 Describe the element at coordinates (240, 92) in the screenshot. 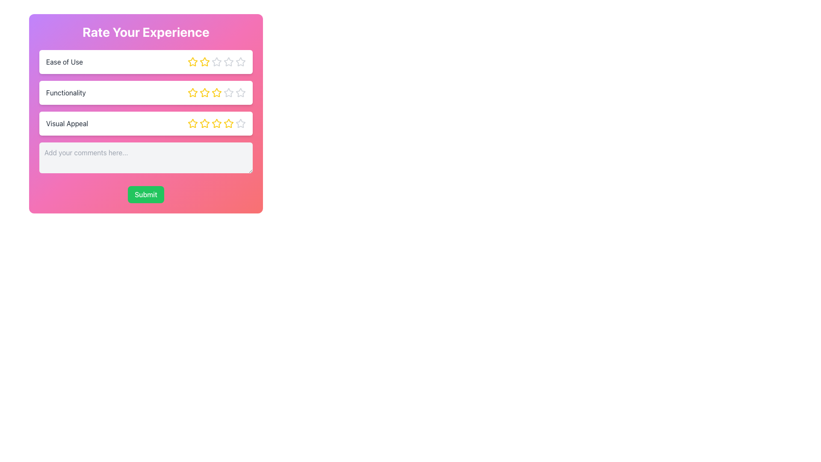

I see `the fifth star icon in the rating section` at that location.